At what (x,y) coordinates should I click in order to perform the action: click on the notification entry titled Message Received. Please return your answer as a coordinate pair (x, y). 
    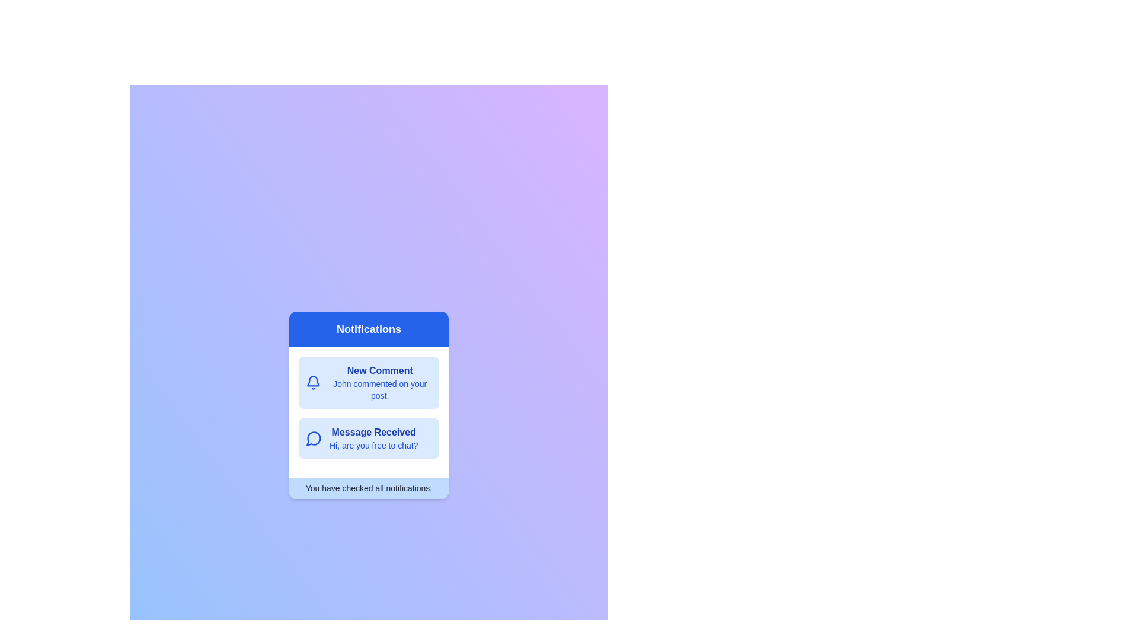
    Looking at the image, I should click on (368, 439).